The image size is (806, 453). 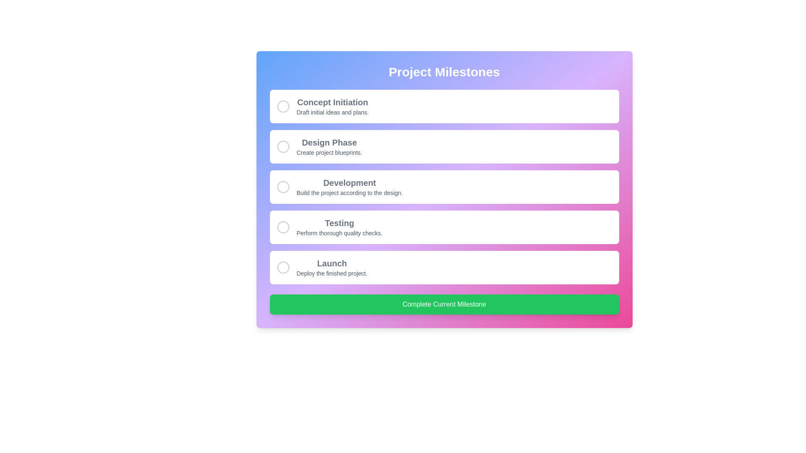 What do you see at coordinates (283, 267) in the screenshot?
I see `the circular icon with a gray fill and thin stroke located within the 'Launch' card at the bottom of the milestone list` at bounding box center [283, 267].